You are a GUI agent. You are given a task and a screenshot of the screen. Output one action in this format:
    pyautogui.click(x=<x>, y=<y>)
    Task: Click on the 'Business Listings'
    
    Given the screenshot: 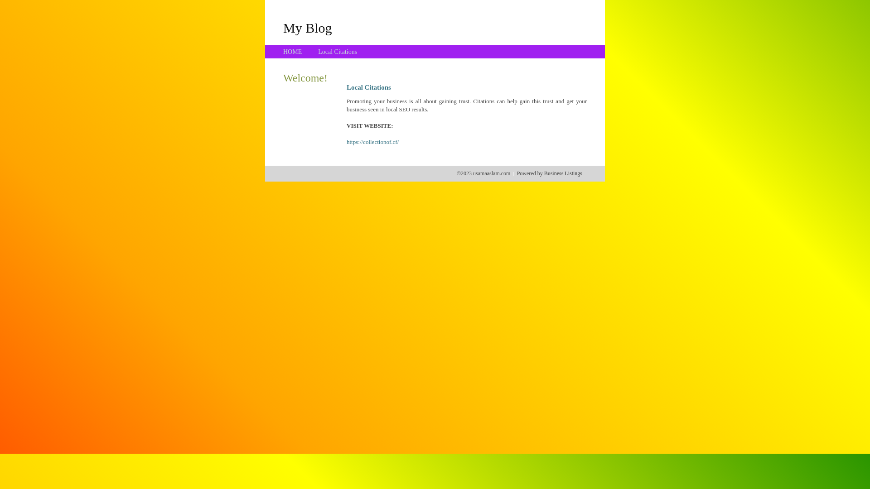 What is the action you would take?
    pyautogui.click(x=563, y=173)
    